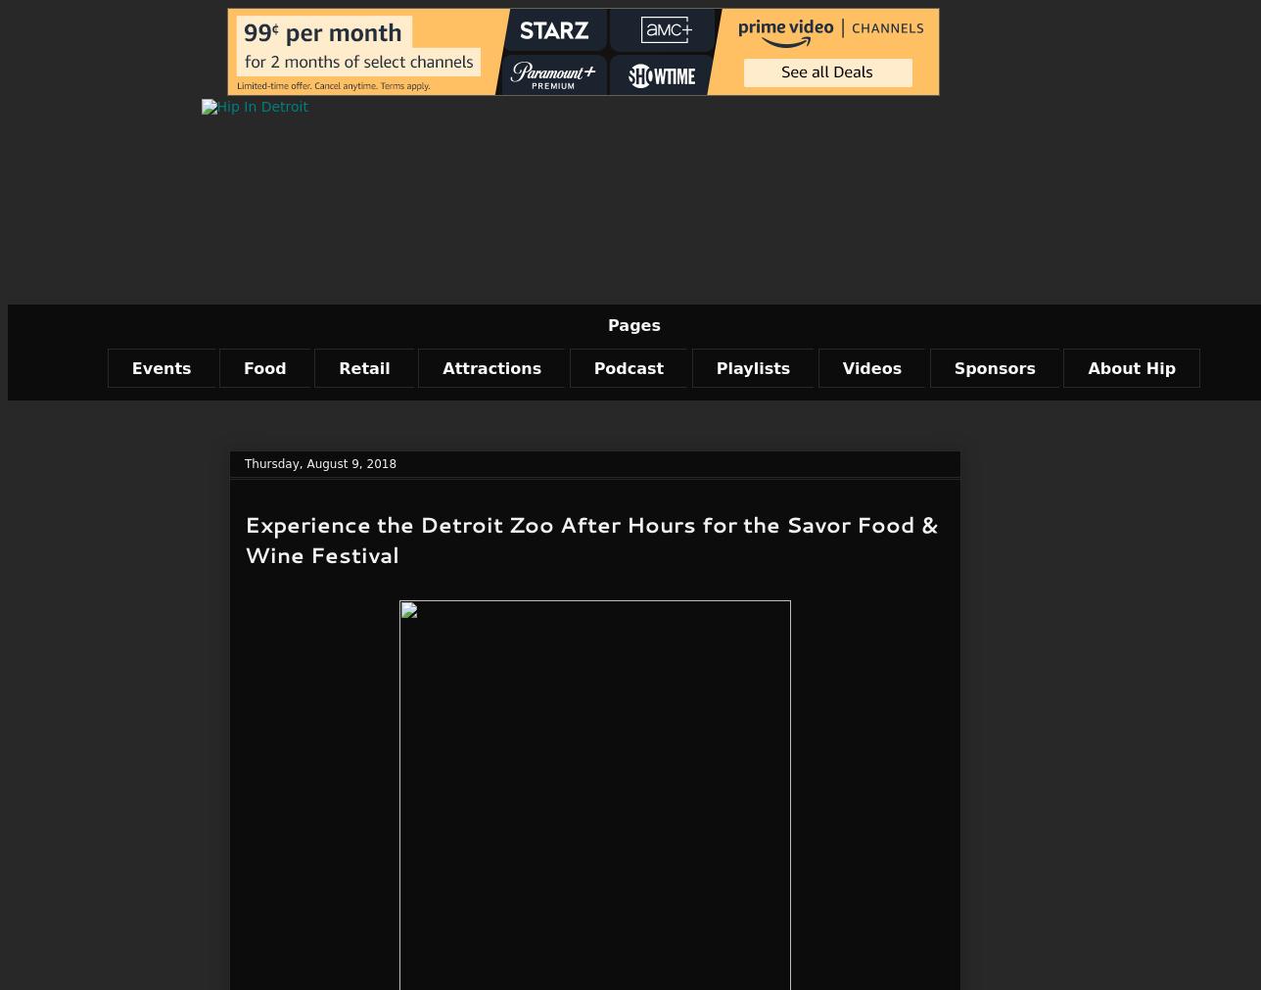 The height and width of the screenshot is (990, 1261). What do you see at coordinates (1131, 366) in the screenshot?
I see `'About Hip'` at bounding box center [1131, 366].